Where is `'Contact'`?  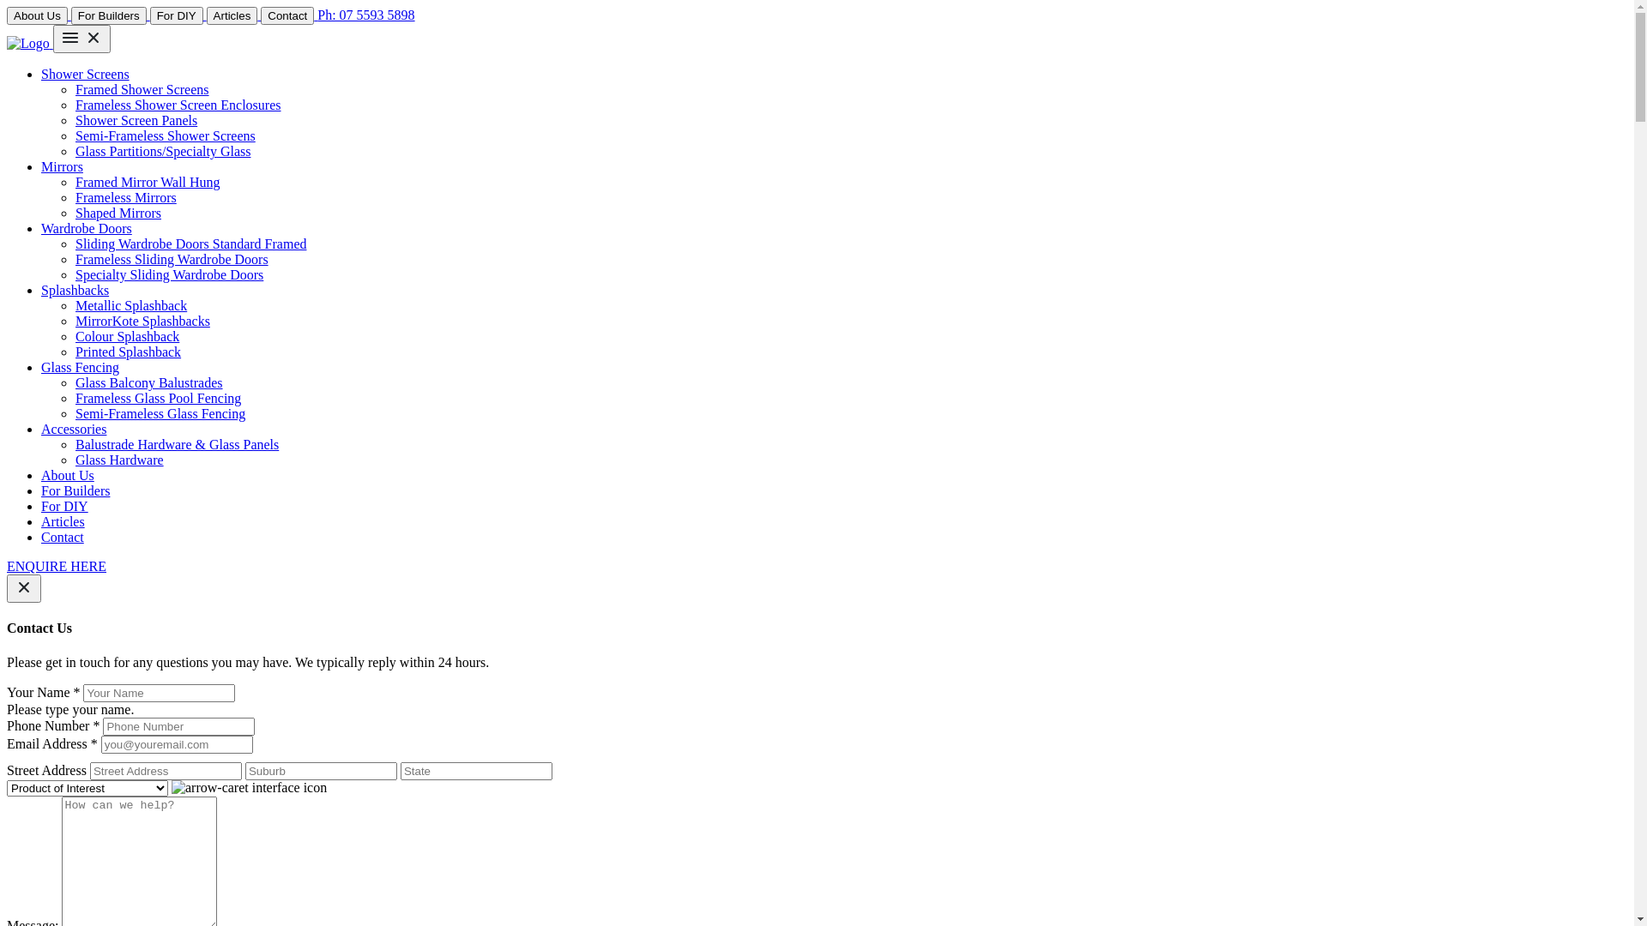 'Contact' is located at coordinates (62, 536).